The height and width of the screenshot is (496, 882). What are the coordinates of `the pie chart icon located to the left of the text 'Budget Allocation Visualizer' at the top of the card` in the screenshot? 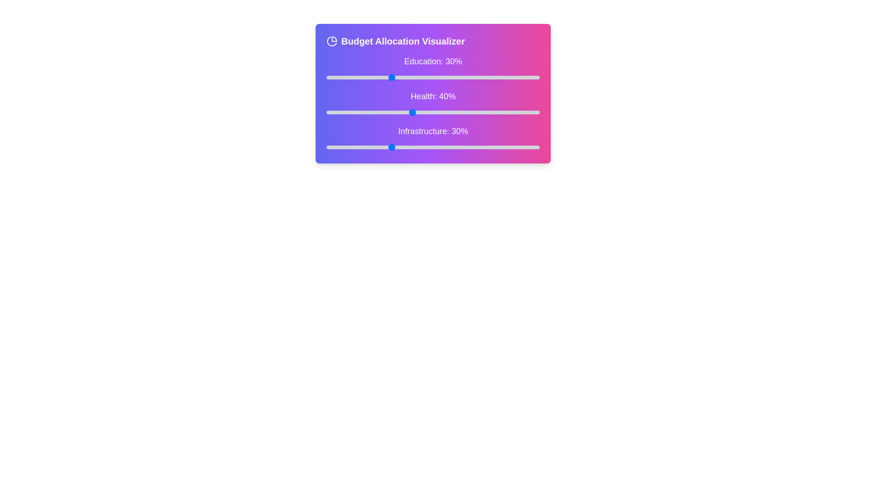 It's located at (332, 40).